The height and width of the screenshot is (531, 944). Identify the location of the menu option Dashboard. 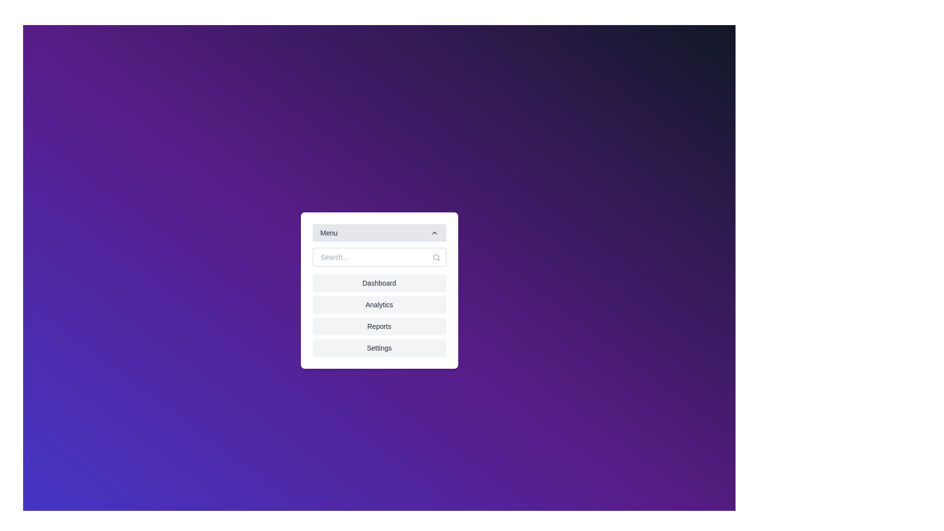
(379, 283).